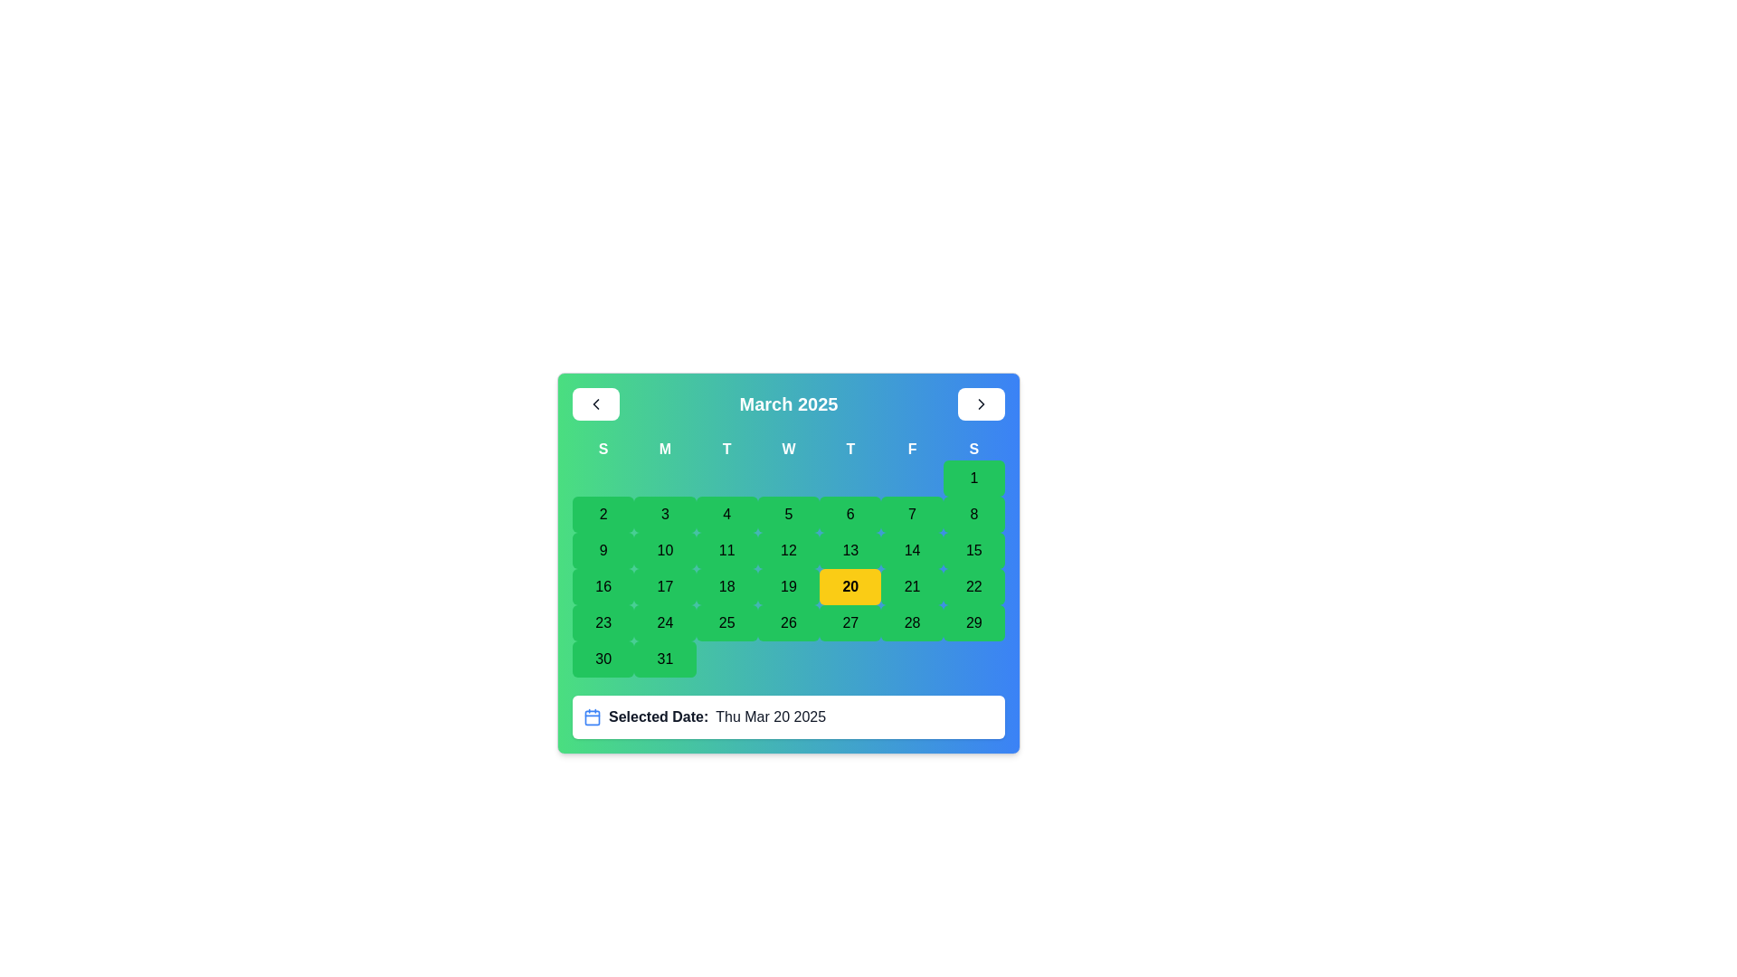 The width and height of the screenshot is (1737, 977). I want to click on the label displaying the letter 'T' in bold white text, which is the third label in a sequence representing weekdays, located beneath the 'March 2025' header, so click(726, 449).